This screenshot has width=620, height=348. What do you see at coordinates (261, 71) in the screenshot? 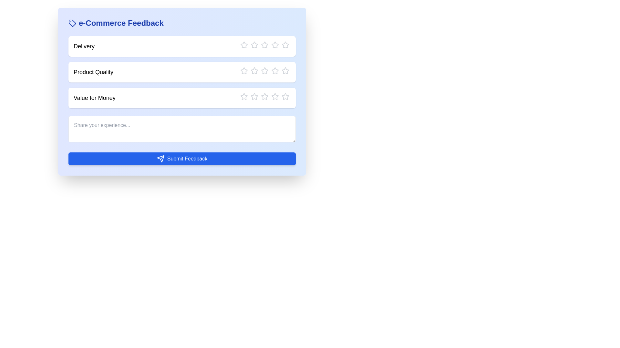
I see `the star corresponding to the rating 3 for the category Product Quality` at bounding box center [261, 71].